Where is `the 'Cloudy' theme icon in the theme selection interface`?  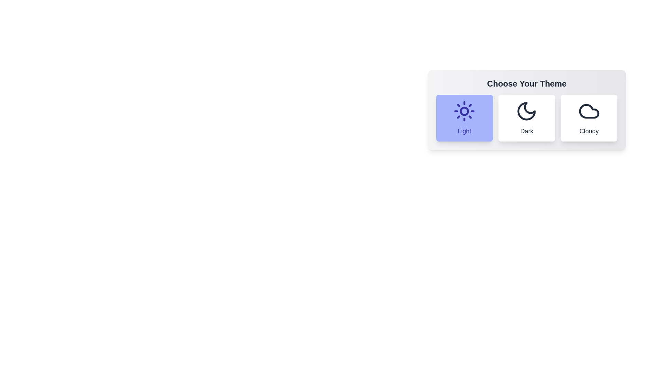
the 'Cloudy' theme icon in the theme selection interface is located at coordinates (588, 111).